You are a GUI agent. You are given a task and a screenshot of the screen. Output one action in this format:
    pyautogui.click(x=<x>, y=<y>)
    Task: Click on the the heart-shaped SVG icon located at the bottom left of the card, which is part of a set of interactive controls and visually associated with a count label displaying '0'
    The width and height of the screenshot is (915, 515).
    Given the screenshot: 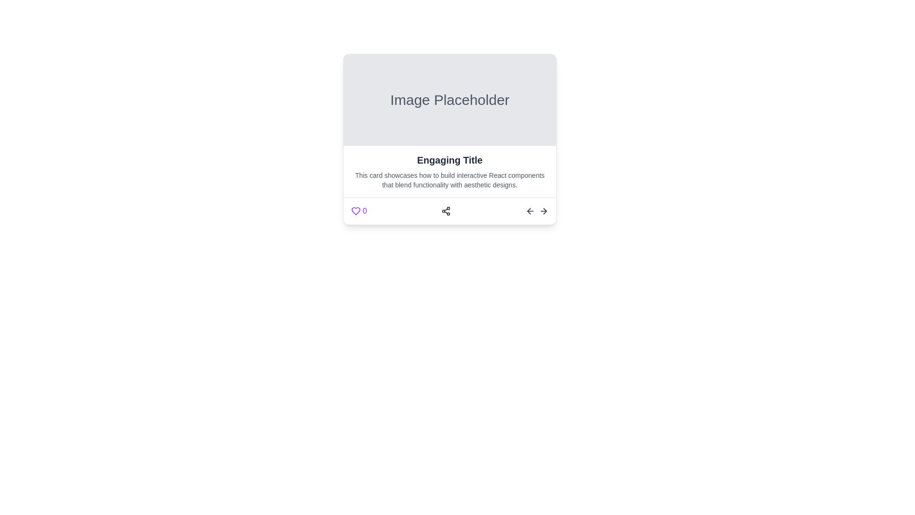 What is the action you would take?
    pyautogui.click(x=356, y=211)
    